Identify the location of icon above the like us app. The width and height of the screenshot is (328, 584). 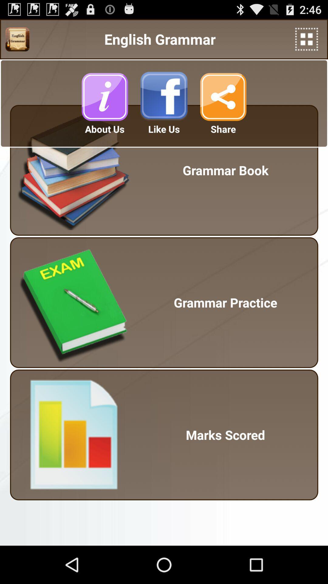
(164, 96).